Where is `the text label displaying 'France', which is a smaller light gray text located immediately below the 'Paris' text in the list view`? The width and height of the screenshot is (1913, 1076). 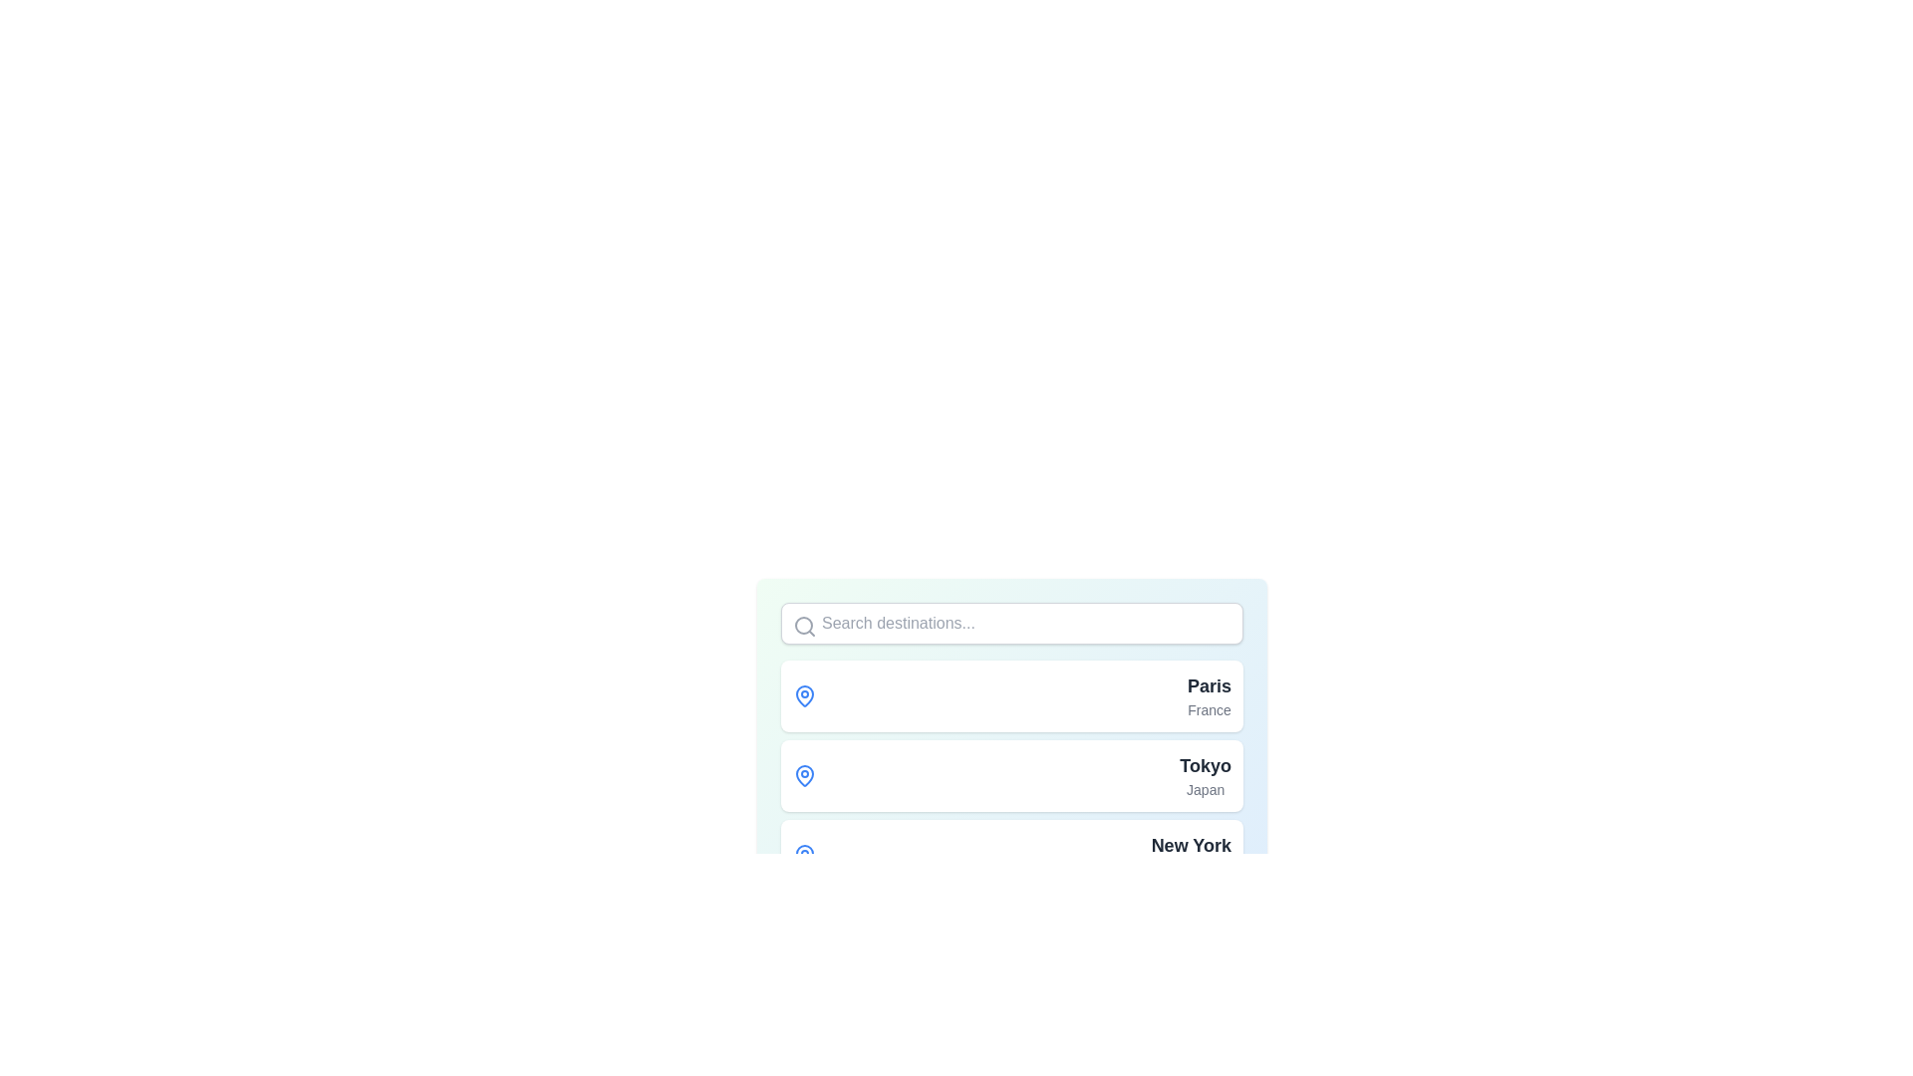
the text label displaying 'France', which is a smaller light gray text located immediately below the 'Paris' text in the list view is located at coordinates (1209, 709).